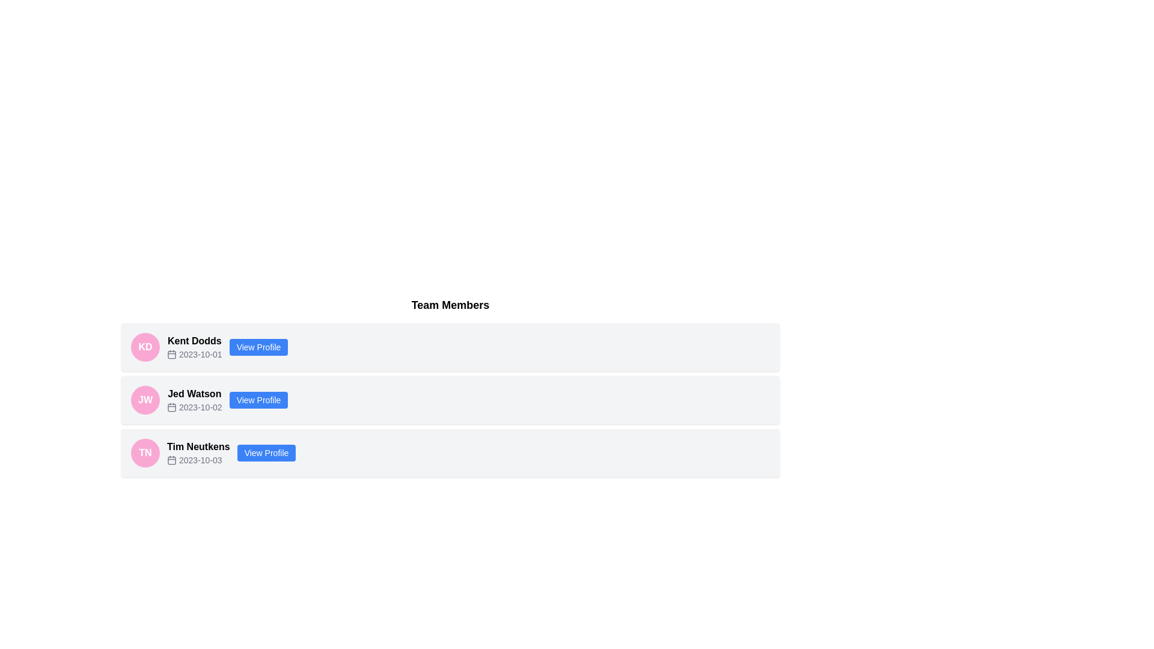 This screenshot has height=649, width=1154. Describe the element at coordinates (198, 460) in the screenshot. I see `date text associated with the profile of 'Tim Neutkens', which is located to the right of the calendar icon and below his name in the profile card` at that location.